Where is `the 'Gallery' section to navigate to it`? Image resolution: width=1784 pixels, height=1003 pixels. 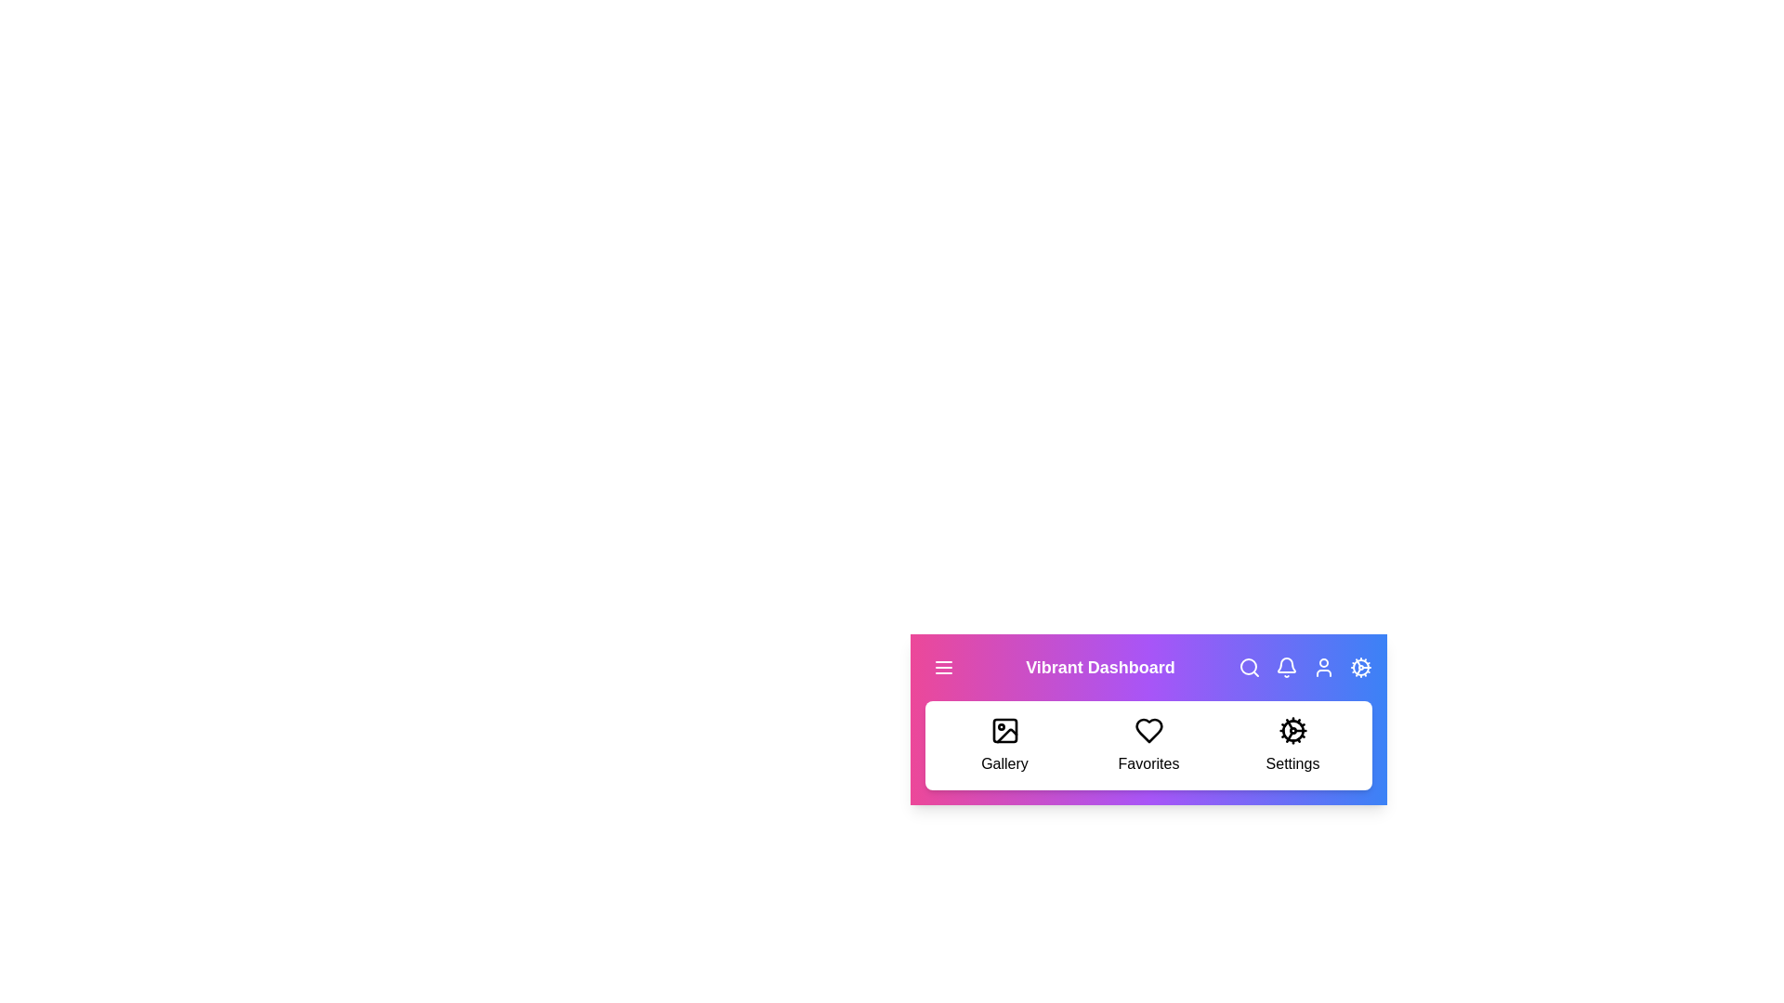
the 'Gallery' section to navigate to it is located at coordinates (1003, 744).